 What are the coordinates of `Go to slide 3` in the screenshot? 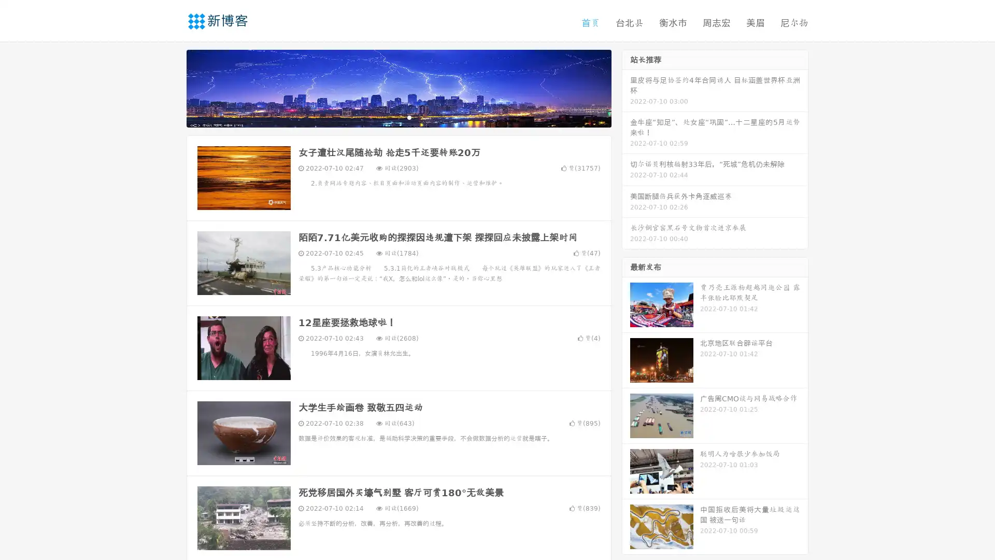 It's located at (409, 117).